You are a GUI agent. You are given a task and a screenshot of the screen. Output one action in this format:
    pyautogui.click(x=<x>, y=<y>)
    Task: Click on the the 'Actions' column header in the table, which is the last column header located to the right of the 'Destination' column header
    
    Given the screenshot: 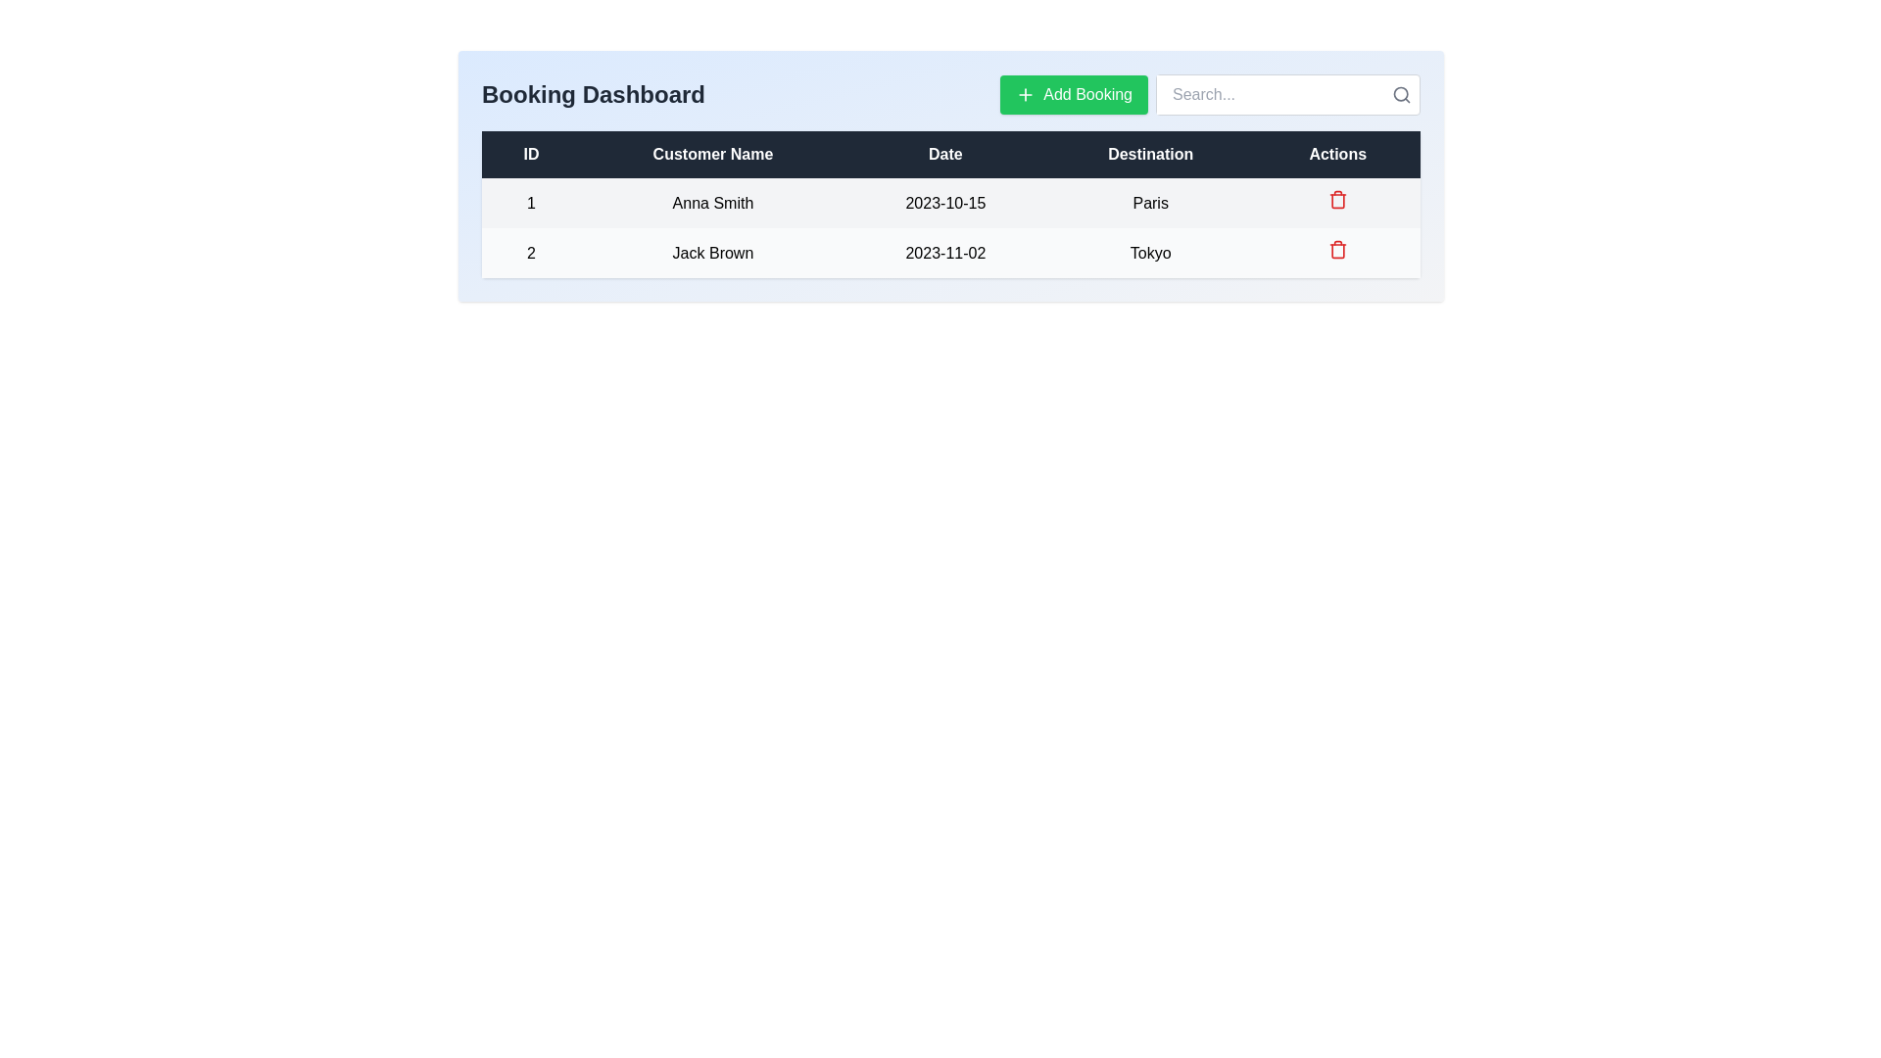 What is the action you would take?
    pyautogui.click(x=1336, y=154)
    